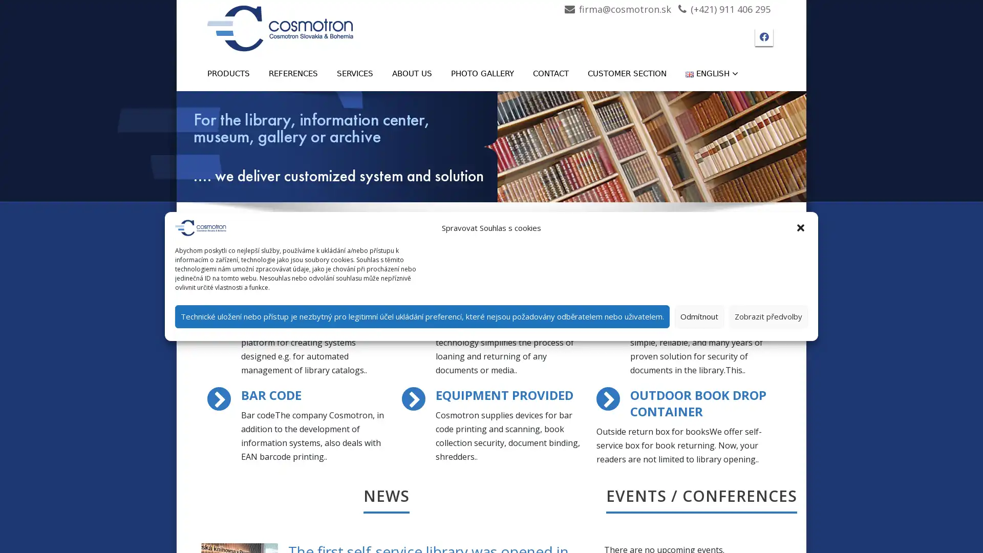 This screenshot has height=553, width=983. What do you see at coordinates (699, 315) in the screenshot?
I see `Odmitnout` at bounding box center [699, 315].